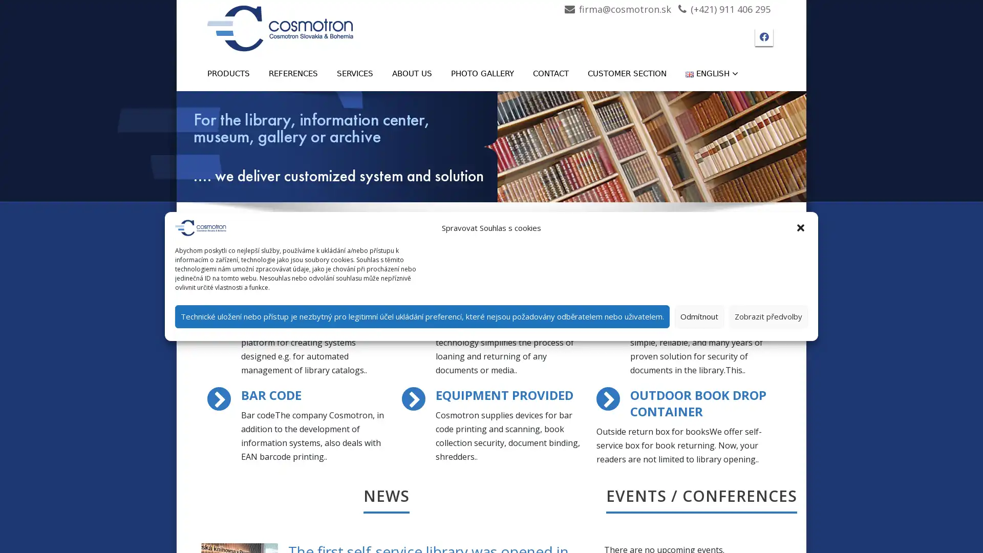 This screenshot has height=553, width=983. What do you see at coordinates (699, 315) in the screenshot?
I see `Odmitnout` at bounding box center [699, 315].